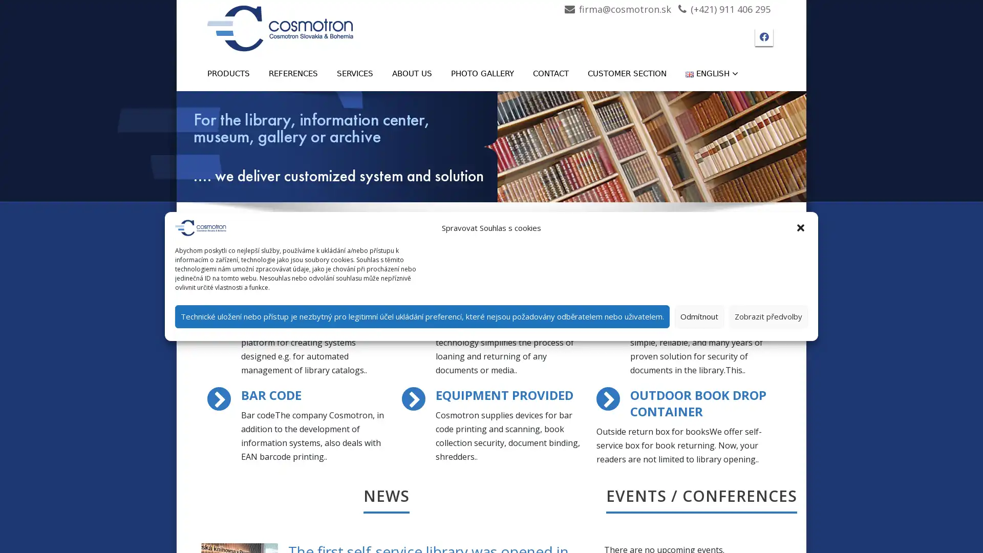 This screenshot has height=553, width=983. What do you see at coordinates (699, 315) in the screenshot?
I see `Odmitnout` at bounding box center [699, 315].